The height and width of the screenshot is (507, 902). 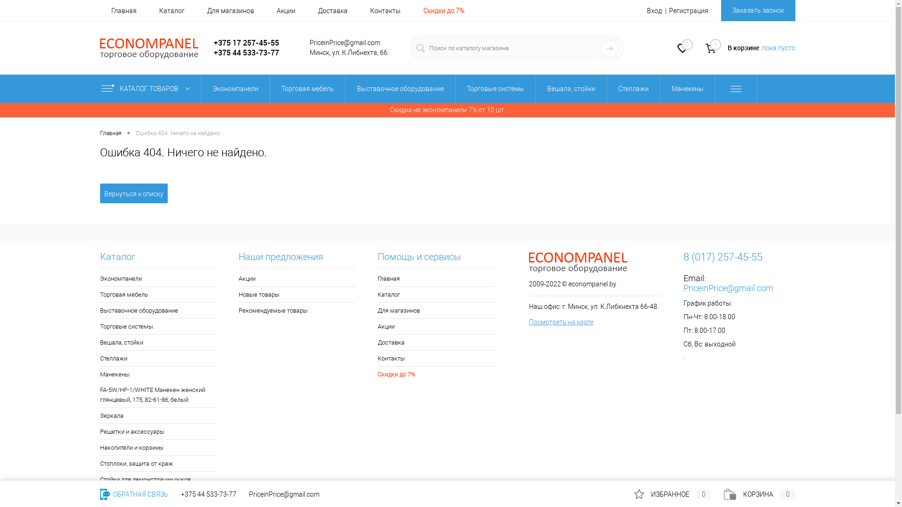 I want to click on '0', so click(x=682, y=49).